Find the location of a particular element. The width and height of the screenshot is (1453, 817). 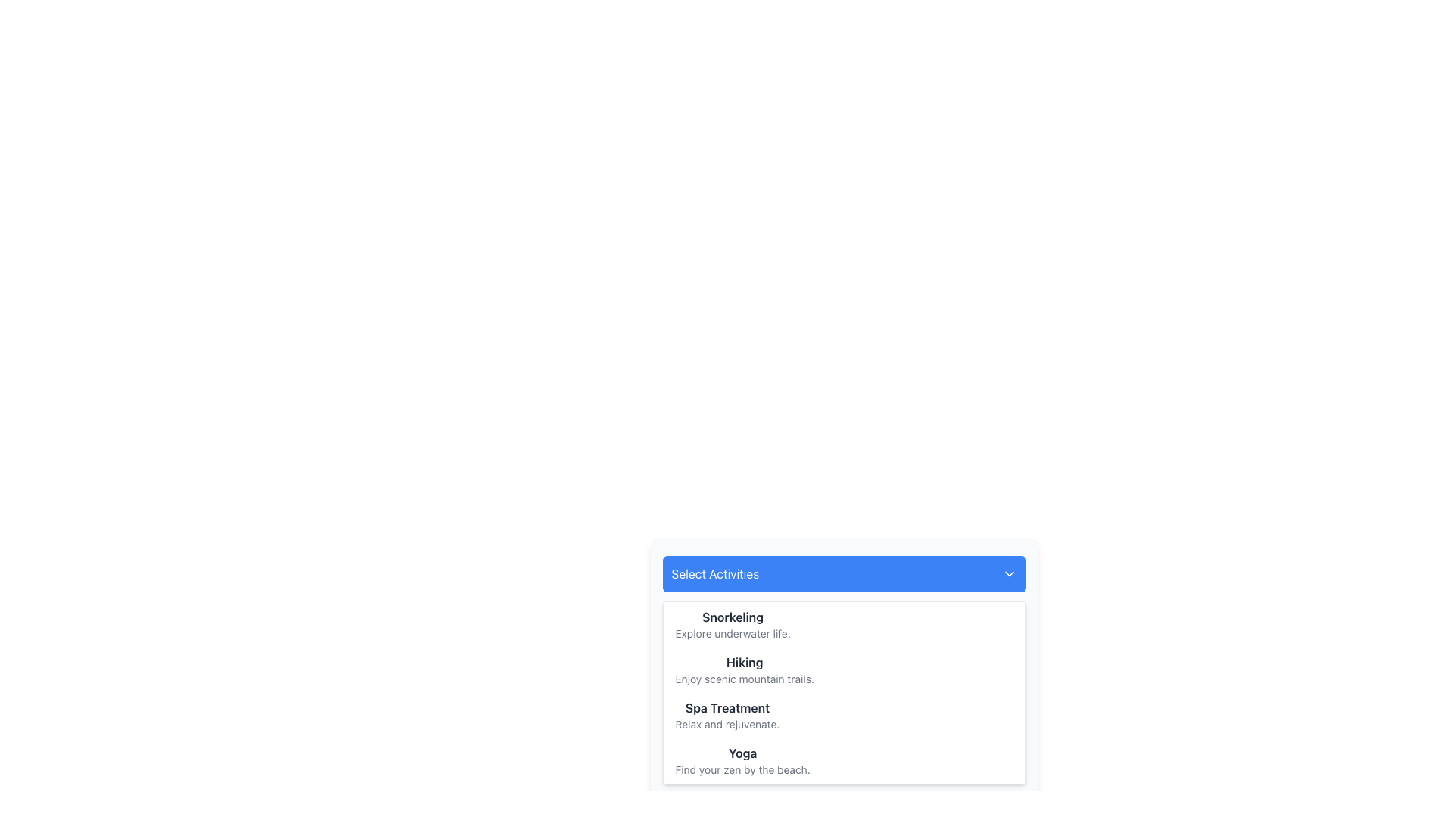

the Text Label positioned on the left side of the blue bar at the top of the dropdown section, which serves as the title for the selection menu below is located at coordinates (714, 574).